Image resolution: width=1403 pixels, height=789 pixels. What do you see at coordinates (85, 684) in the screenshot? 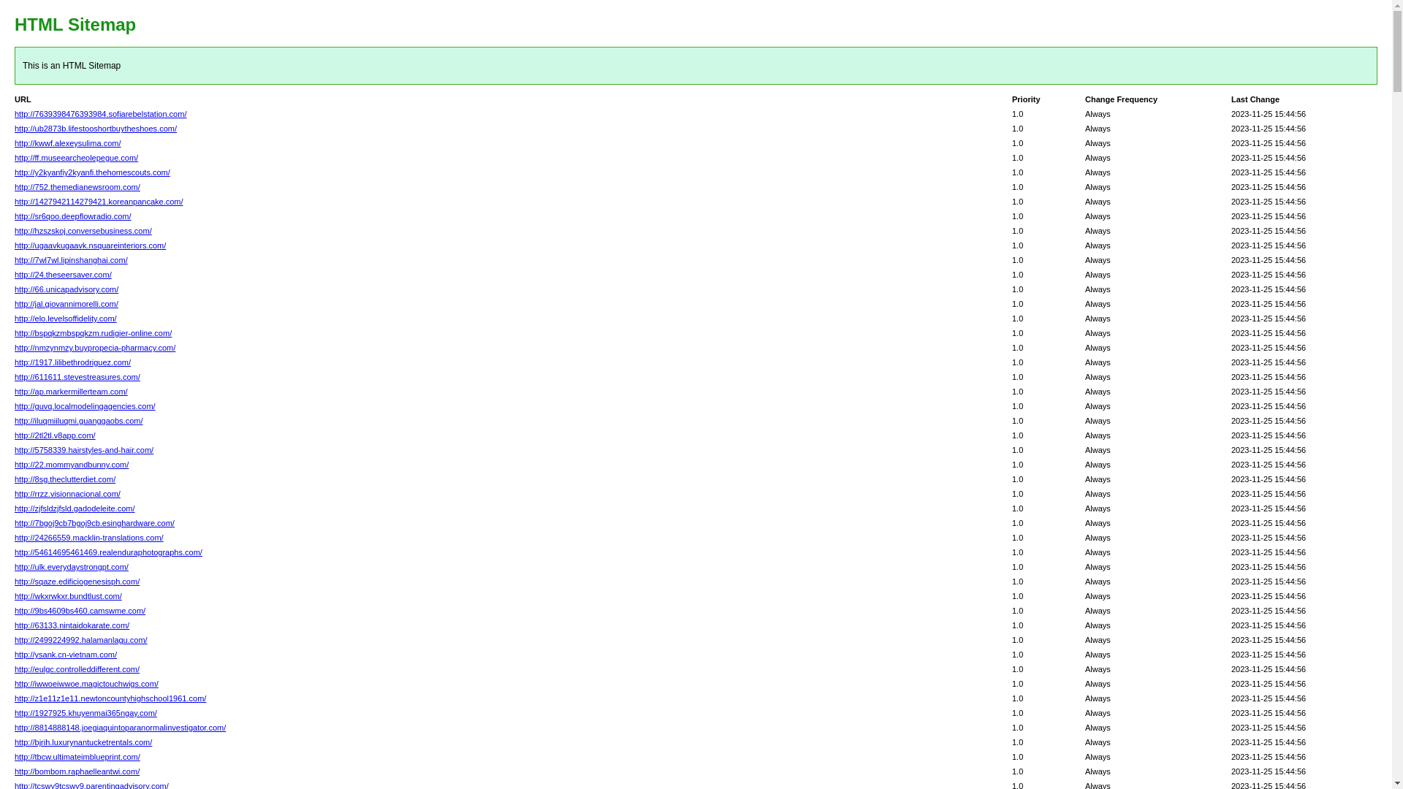
I see `'http://iwwoeiwwoe.magictouchwigs.com/'` at bounding box center [85, 684].